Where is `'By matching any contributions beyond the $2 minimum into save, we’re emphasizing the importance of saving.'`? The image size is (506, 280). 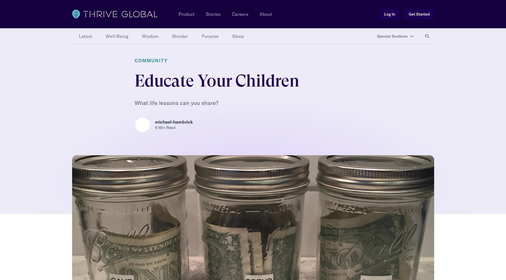 'By matching any contributions beyond the $2 minimum into save, we’re emphasizing the importance of saving.' is located at coordinates (249, 33).